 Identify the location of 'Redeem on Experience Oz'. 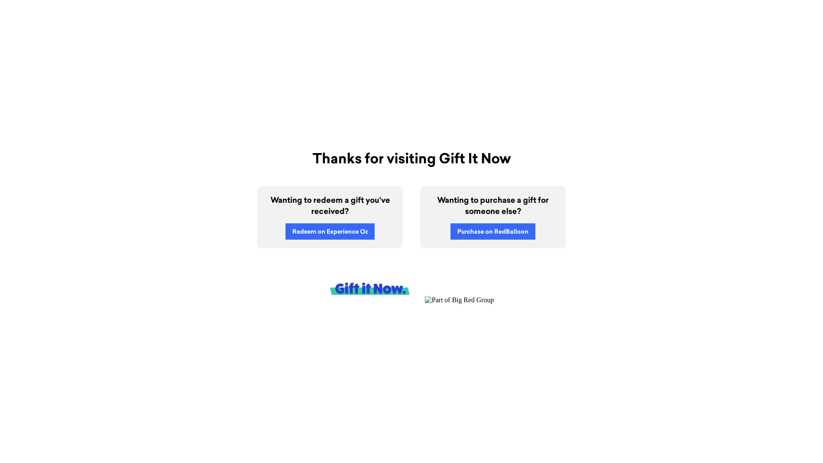
(329, 231).